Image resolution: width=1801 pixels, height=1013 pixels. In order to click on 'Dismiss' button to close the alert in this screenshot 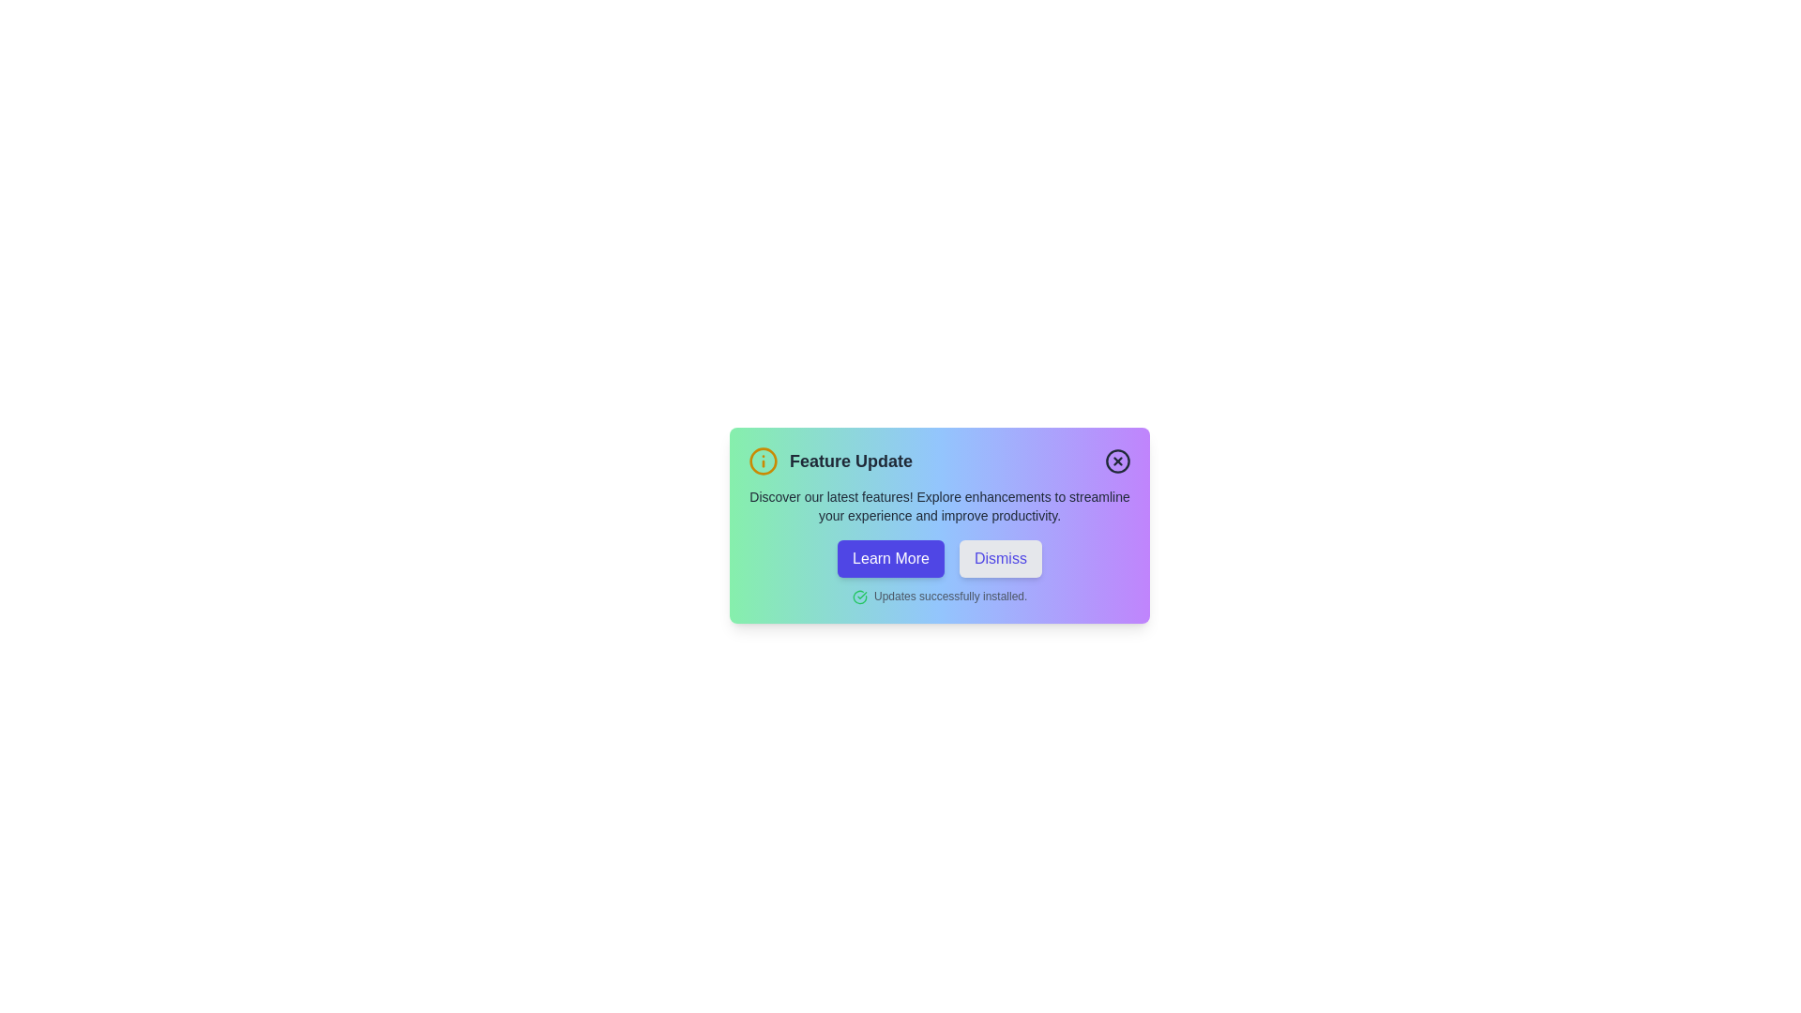, I will do `click(999, 558)`.